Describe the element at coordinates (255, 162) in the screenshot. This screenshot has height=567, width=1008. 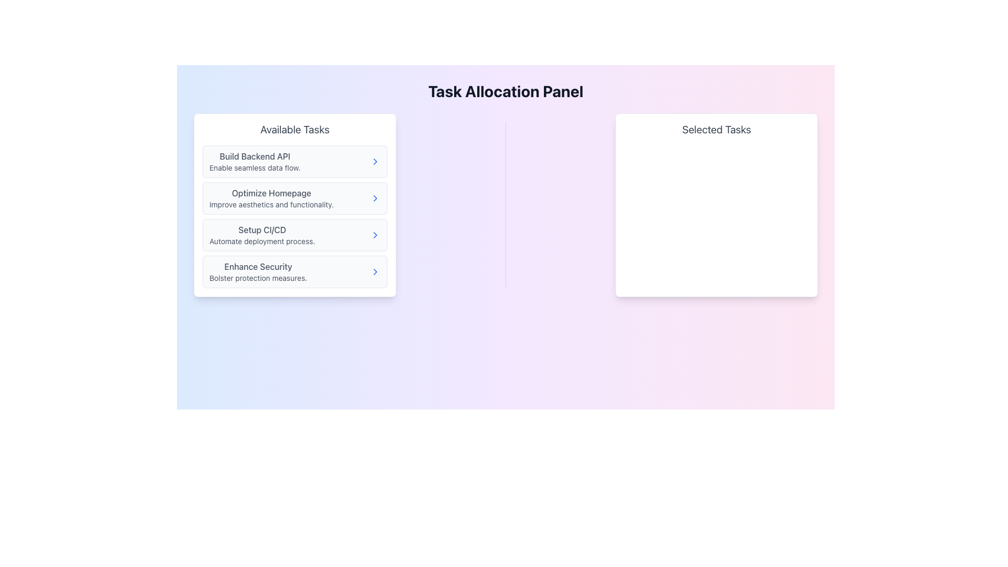
I see `the 'Build Backend API' text element, which is the first item in the 'Available Tasks' list` at that location.